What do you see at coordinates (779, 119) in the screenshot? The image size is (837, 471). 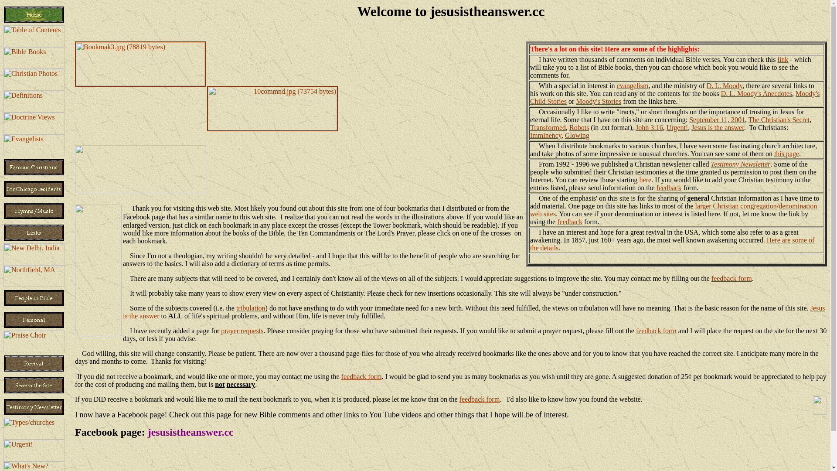 I see `'The Christian's Secret'` at bounding box center [779, 119].